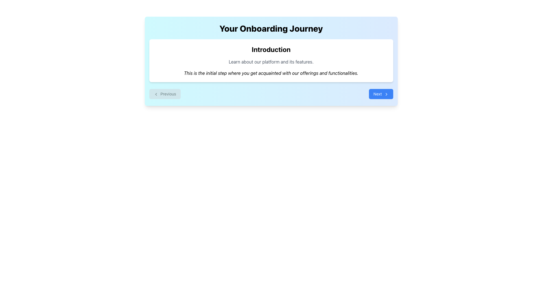 The image size is (542, 305). I want to click on the navigation forward icon located to the right of the 'Next' text within the blue button in the lower-right corner of the card component, so click(386, 94).